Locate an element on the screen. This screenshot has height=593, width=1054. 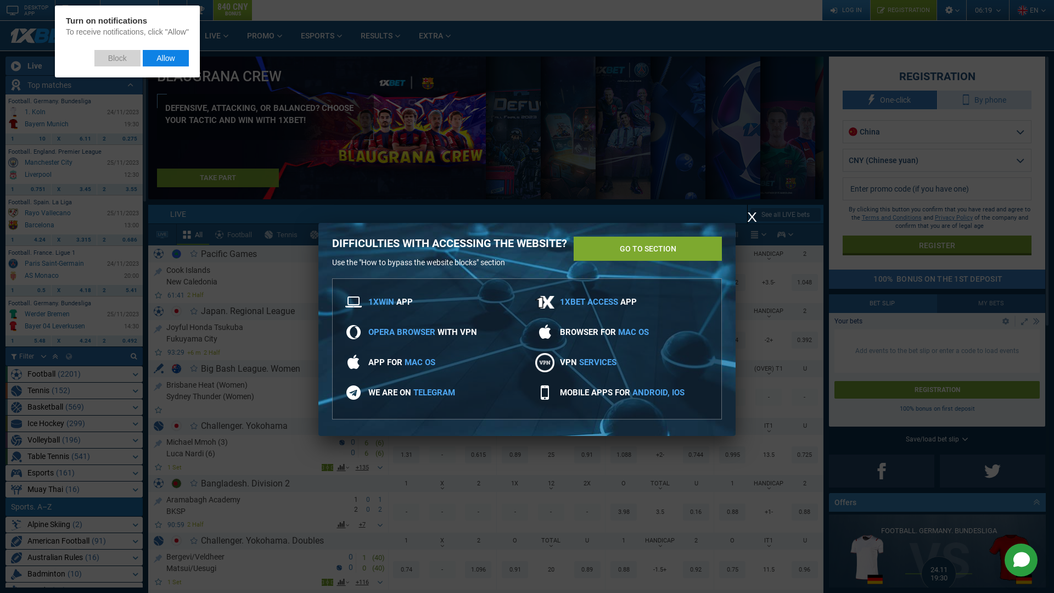
'EXTRA' is located at coordinates (410, 35).